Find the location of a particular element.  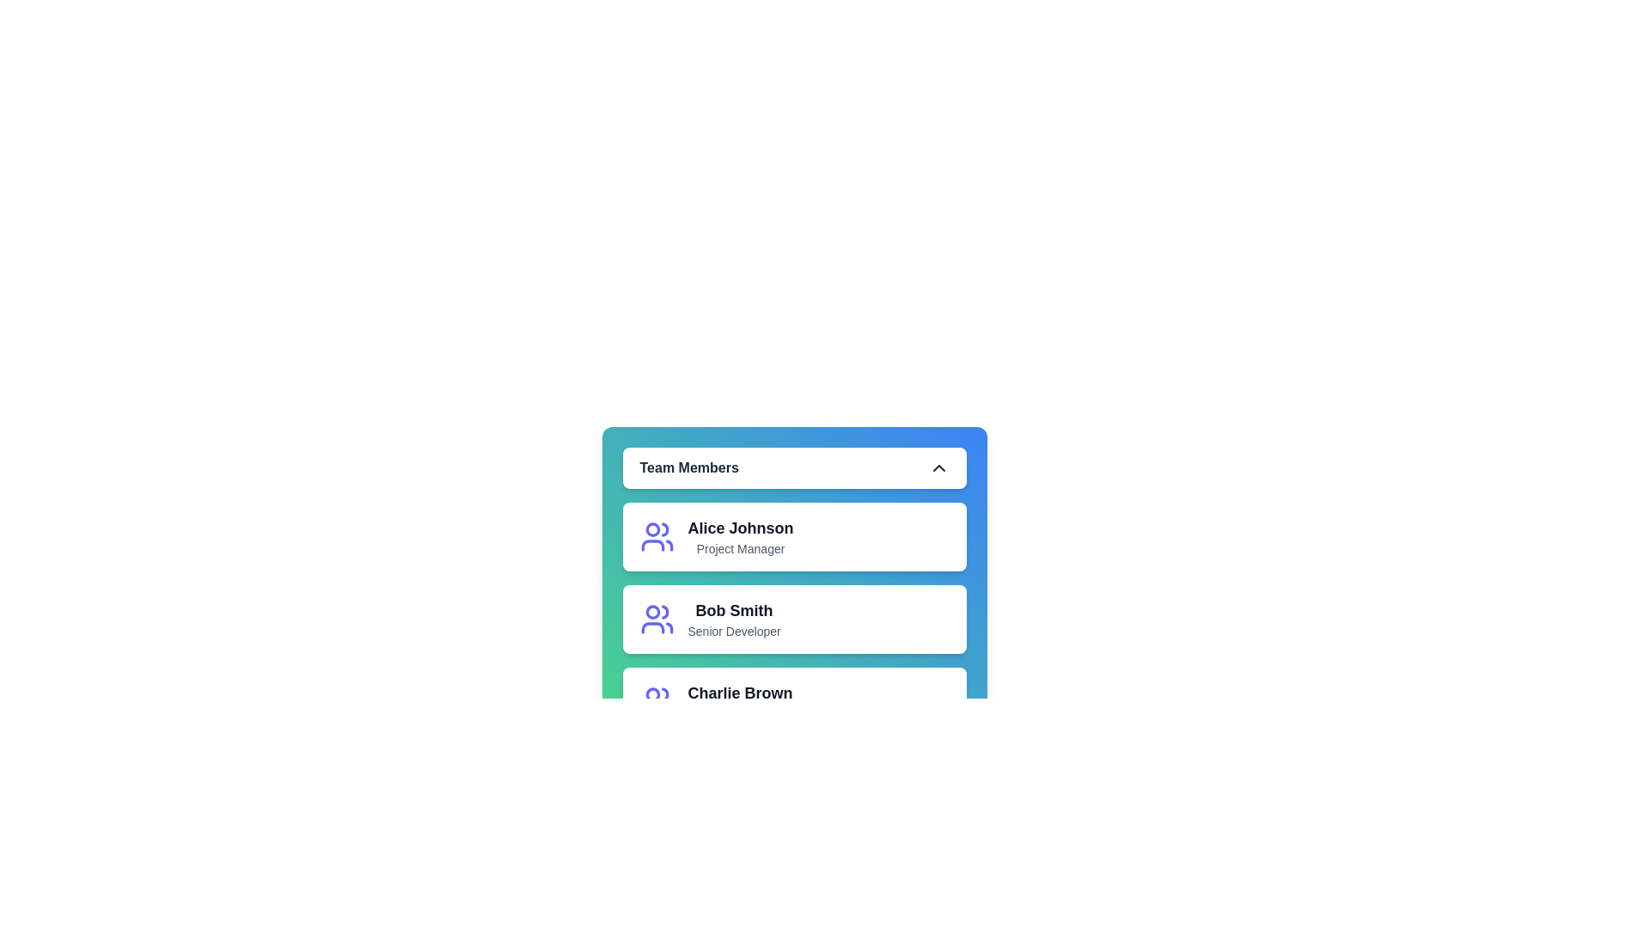

'Team Members' button to toggle the visibility of the team member list is located at coordinates (793, 467).